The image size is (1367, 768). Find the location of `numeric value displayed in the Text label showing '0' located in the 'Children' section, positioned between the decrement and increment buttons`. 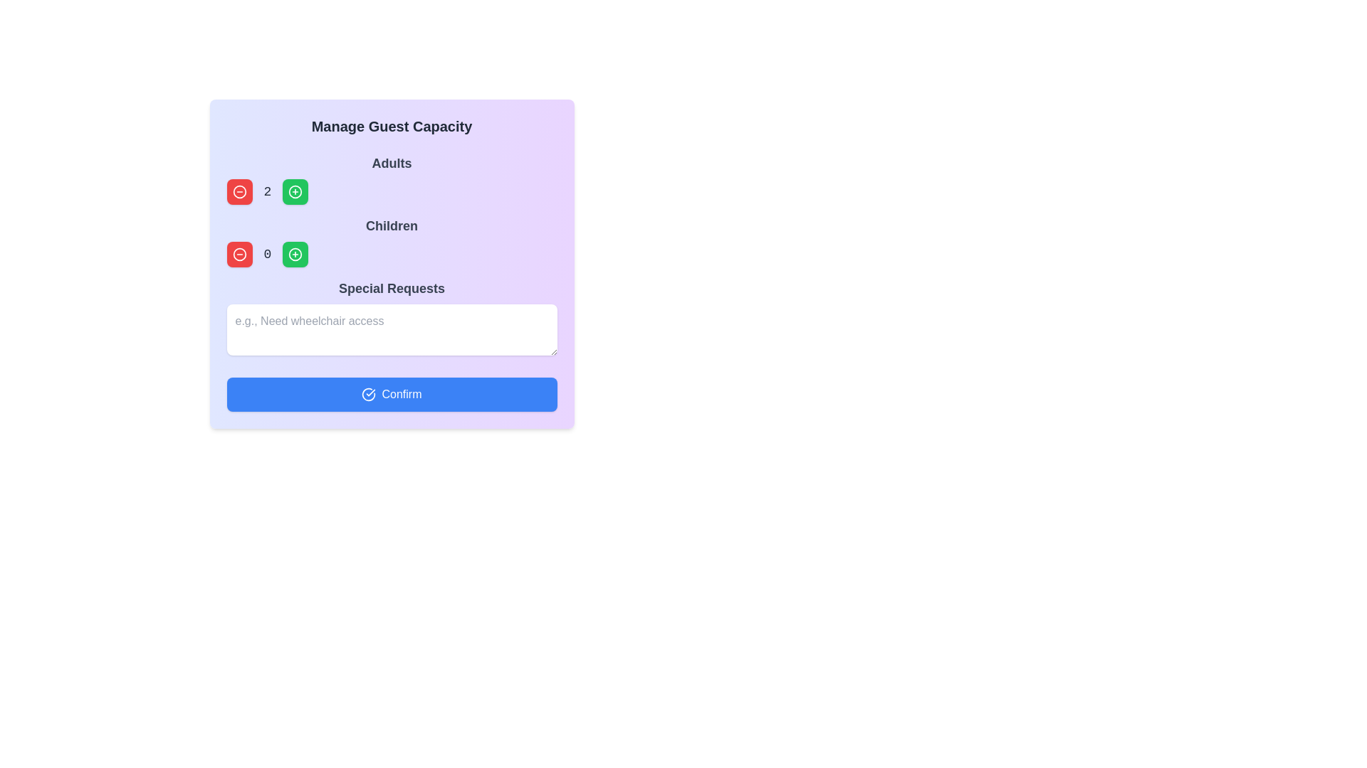

numeric value displayed in the Text label showing '0' located in the 'Children' section, positioned between the decrement and increment buttons is located at coordinates (267, 254).